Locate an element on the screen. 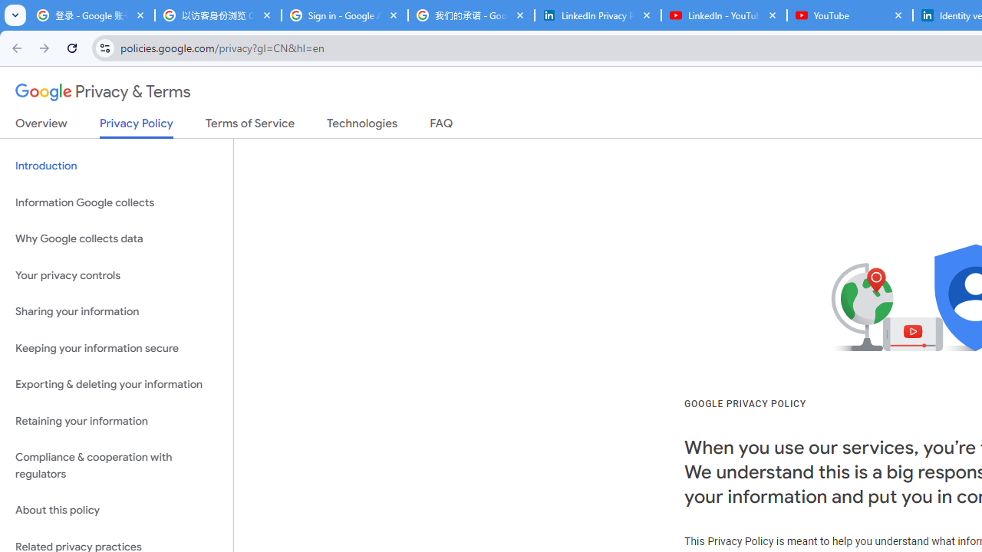 Image resolution: width=982 pixels, height=552 pixels. 'Your privacy controls' is located at coordinates (116, 274).